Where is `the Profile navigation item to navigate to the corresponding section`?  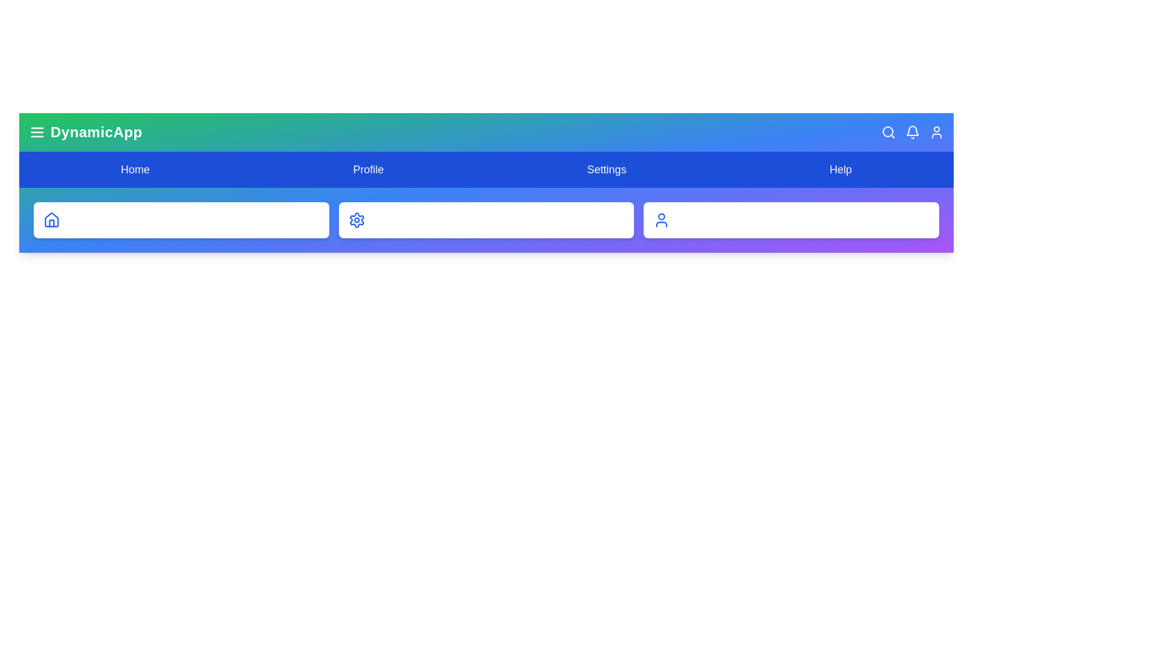
the Profile navigation item to navigate to the corresponding section is located at coordinates (368, 169).